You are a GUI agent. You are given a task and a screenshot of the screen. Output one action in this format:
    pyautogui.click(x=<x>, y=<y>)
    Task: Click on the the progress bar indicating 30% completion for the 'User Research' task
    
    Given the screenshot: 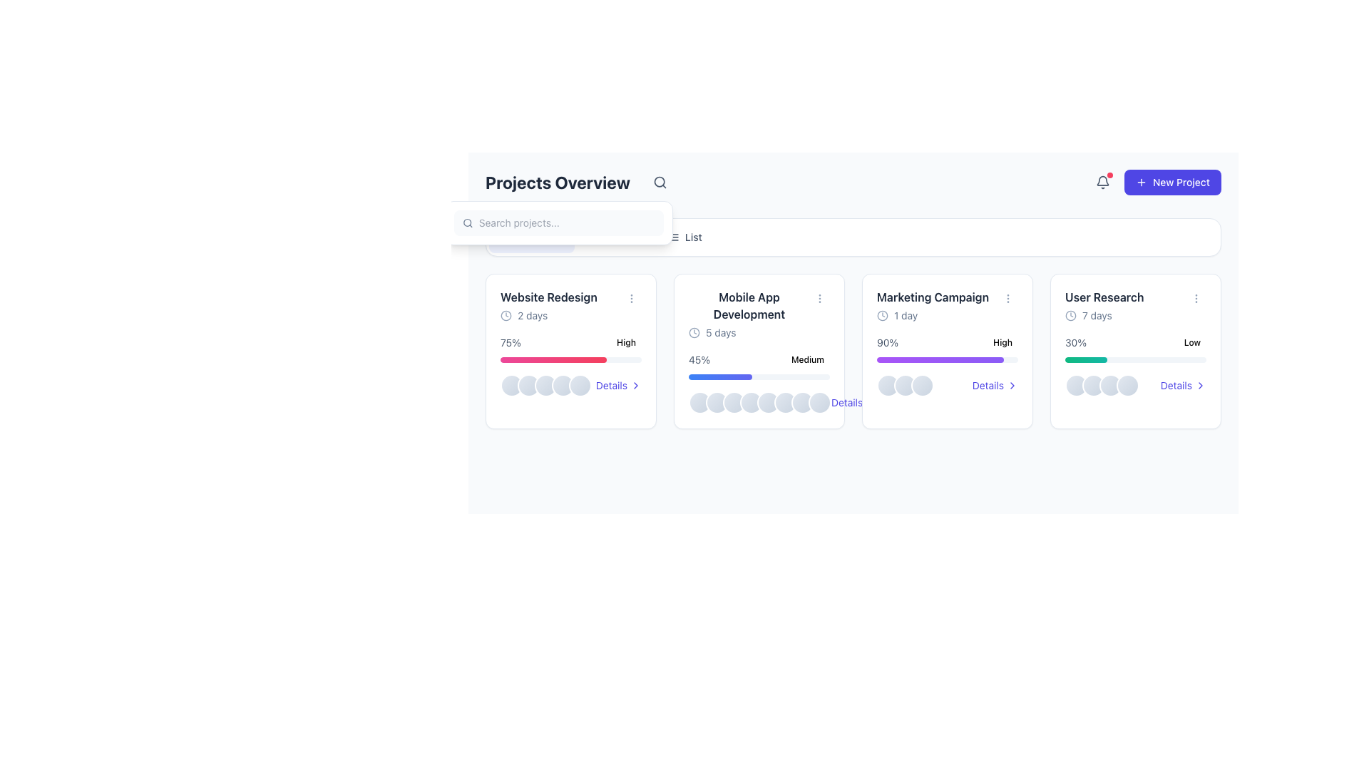 What is the action you would take?
    pyautogui.click(x=1085, y=359)
    